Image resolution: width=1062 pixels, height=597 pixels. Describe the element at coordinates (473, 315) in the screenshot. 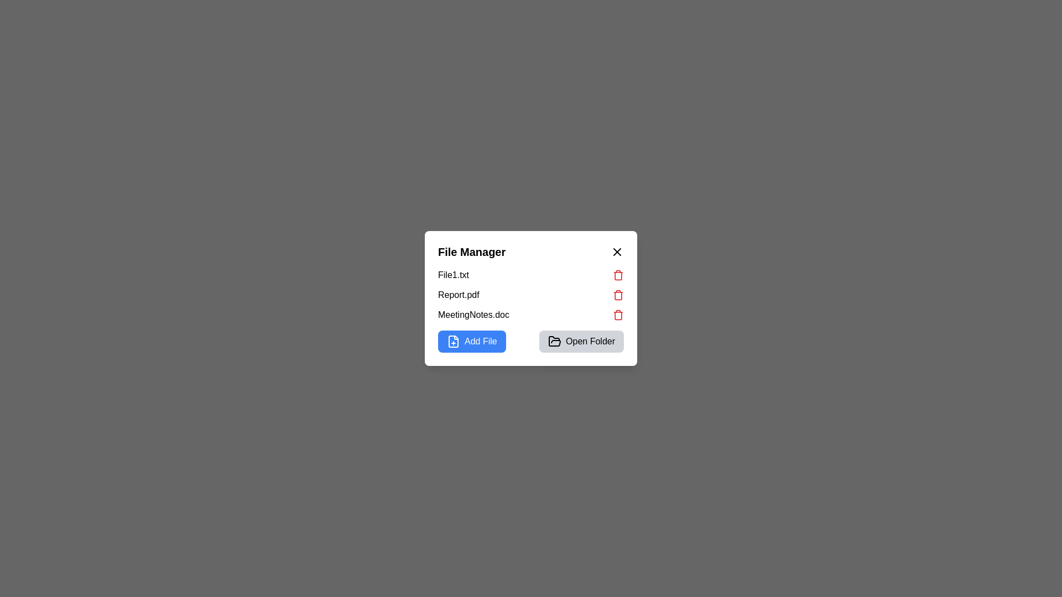

I see `the text label 'MeetingNotes.doc'` at that location.